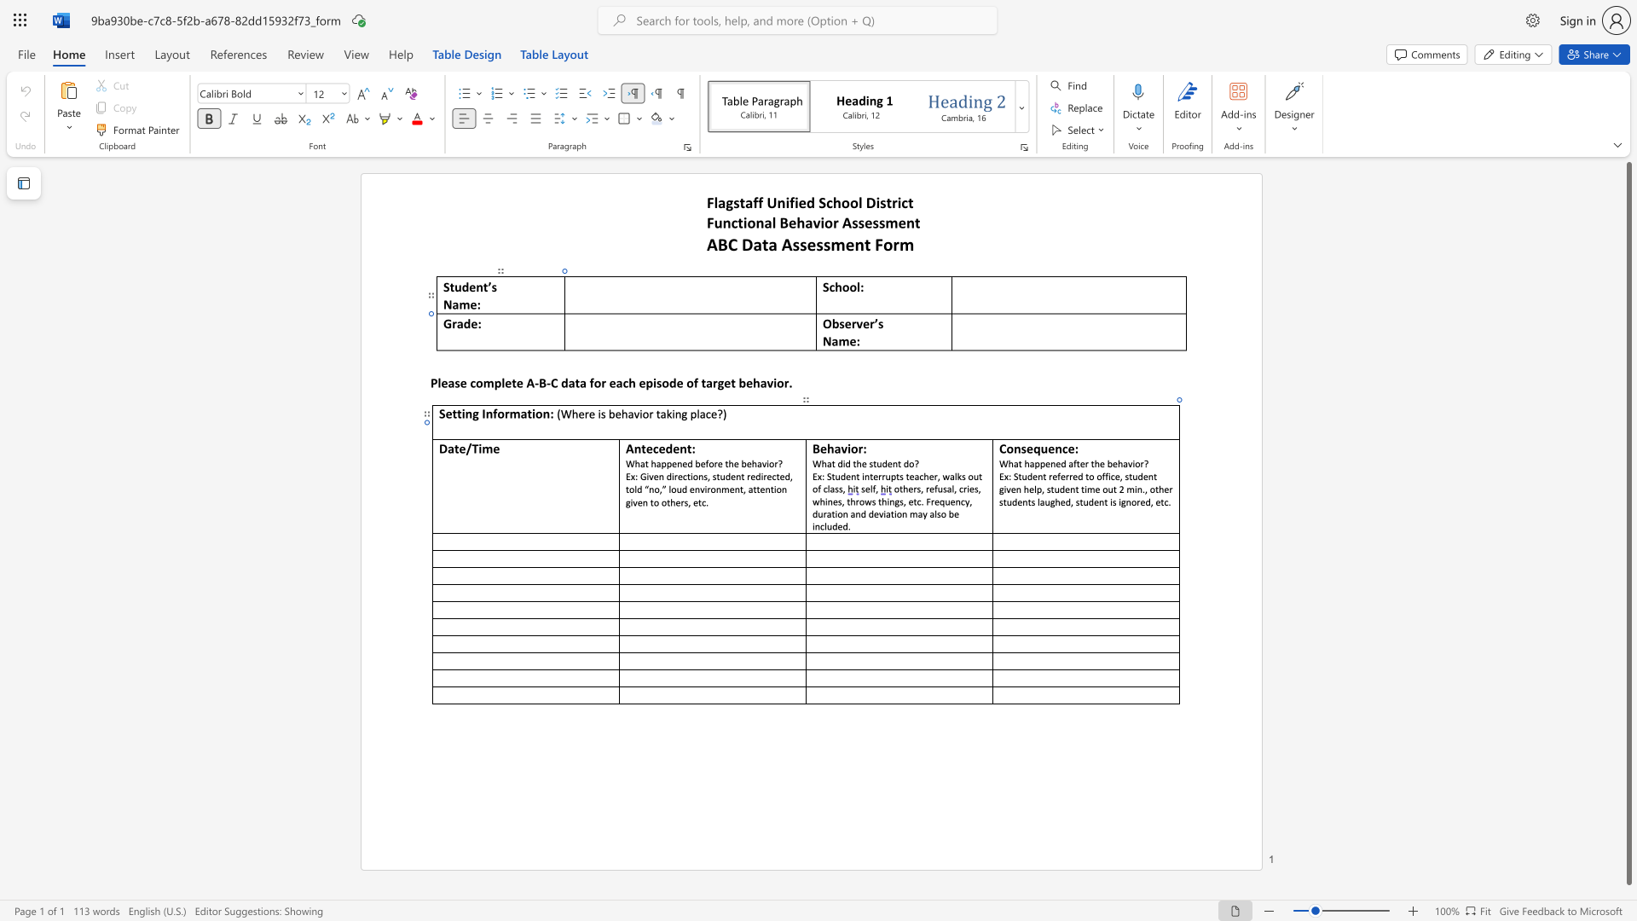  What do you see at coordinates (781, 476) in the screenshot?
I see `the 6th character "e" in the text` at bounding box center [781, 476].